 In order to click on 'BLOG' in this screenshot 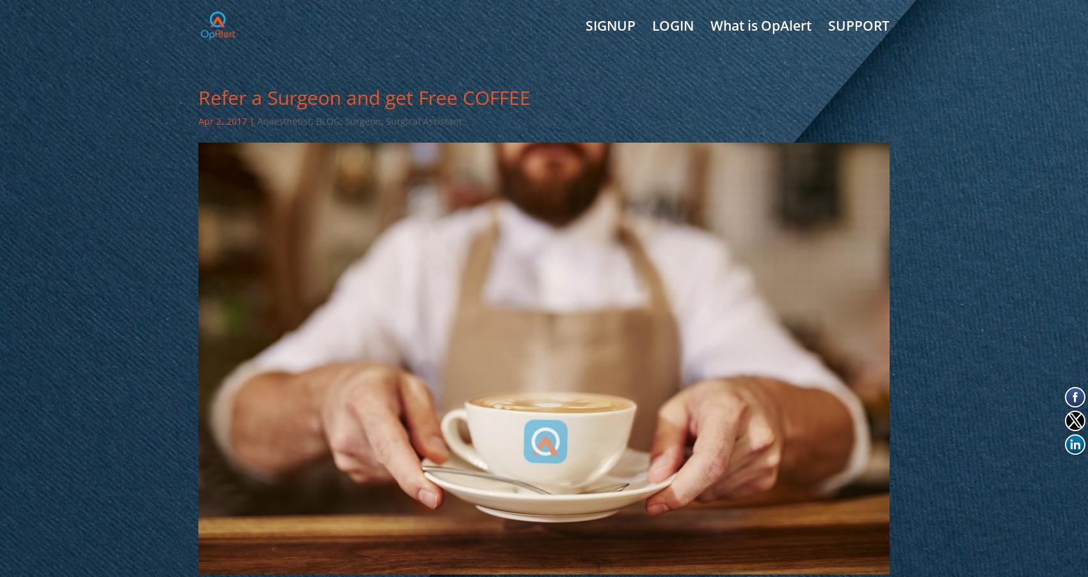, I will do `click(328, 120)`.